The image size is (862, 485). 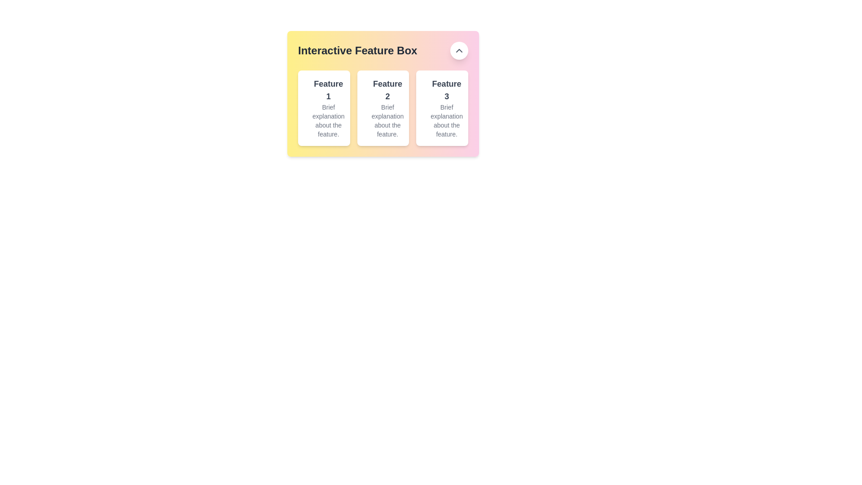 I want to click on the upward action icon located at the top-right corner of the 'Interactive Feature Box', so click(x=459, y=50).